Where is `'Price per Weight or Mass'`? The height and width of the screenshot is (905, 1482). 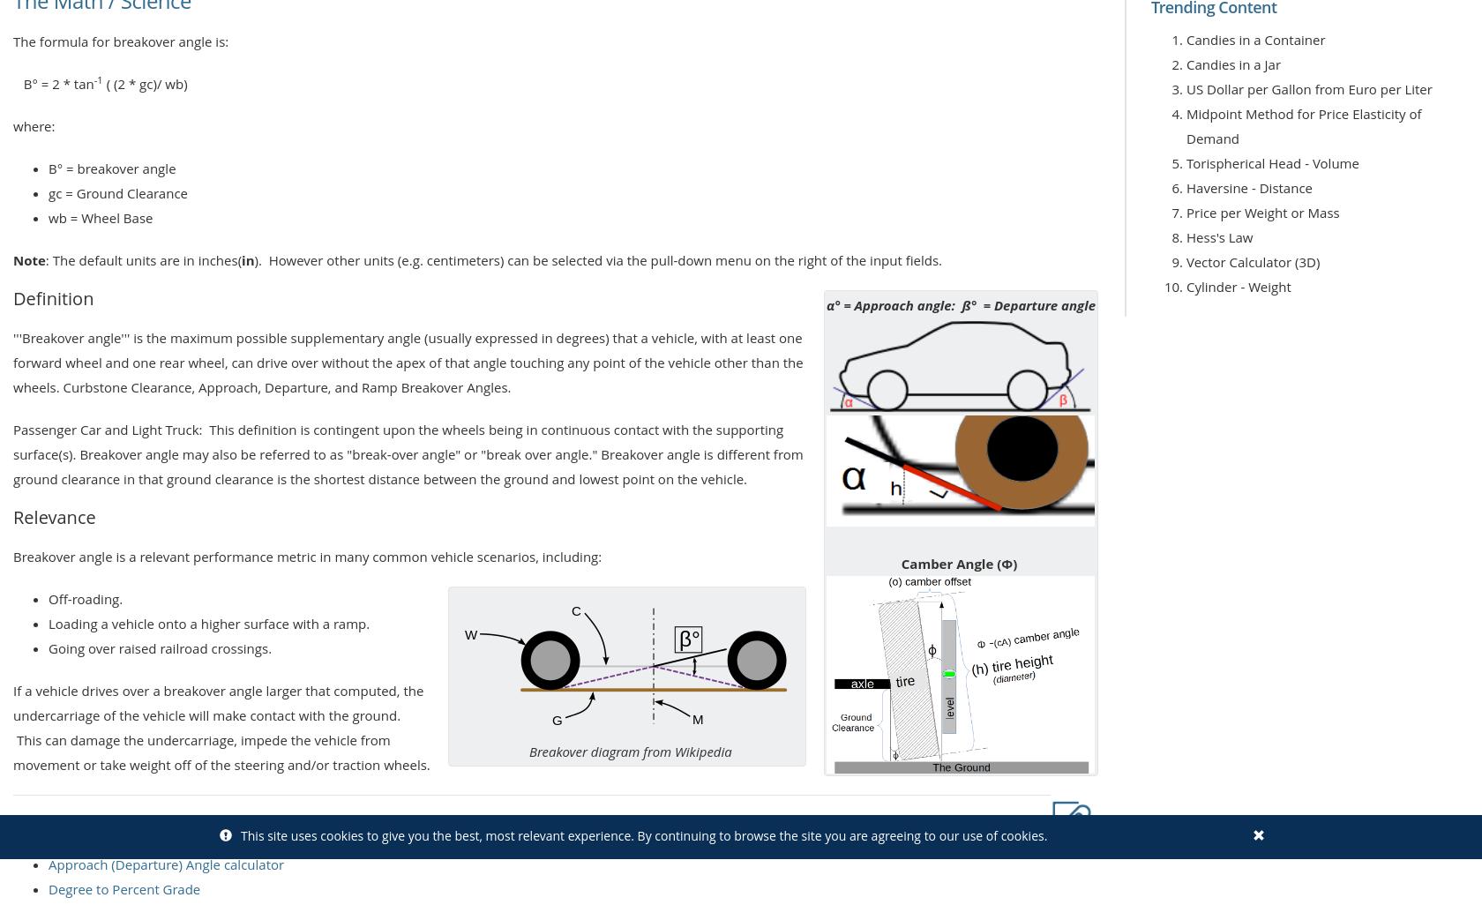 'Price per Weight or Mass' is located at coordinates (1262, 213).